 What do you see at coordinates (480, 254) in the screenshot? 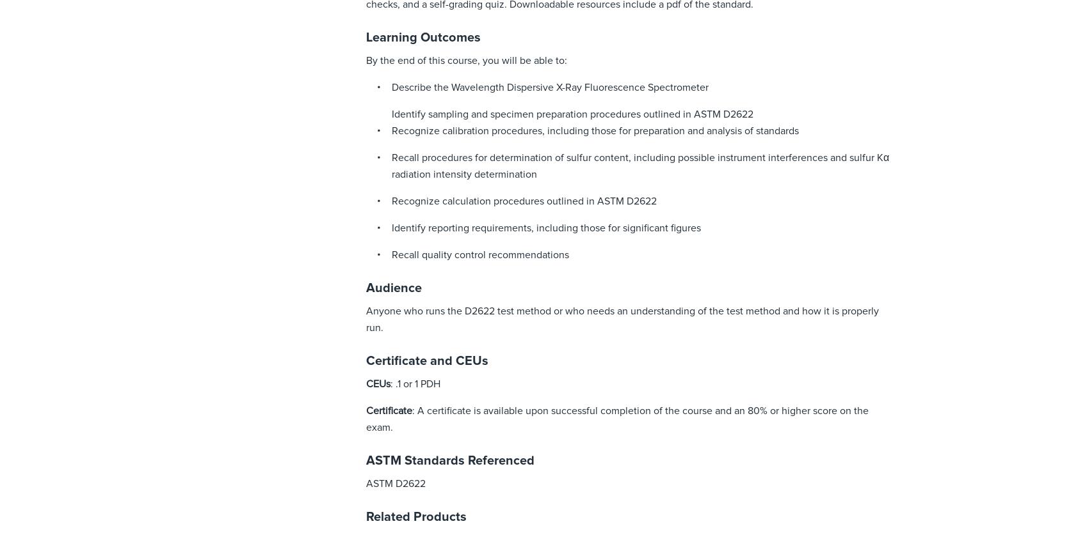
I see `'Recall quality control recommendations'` at bounding box center [480, 254].